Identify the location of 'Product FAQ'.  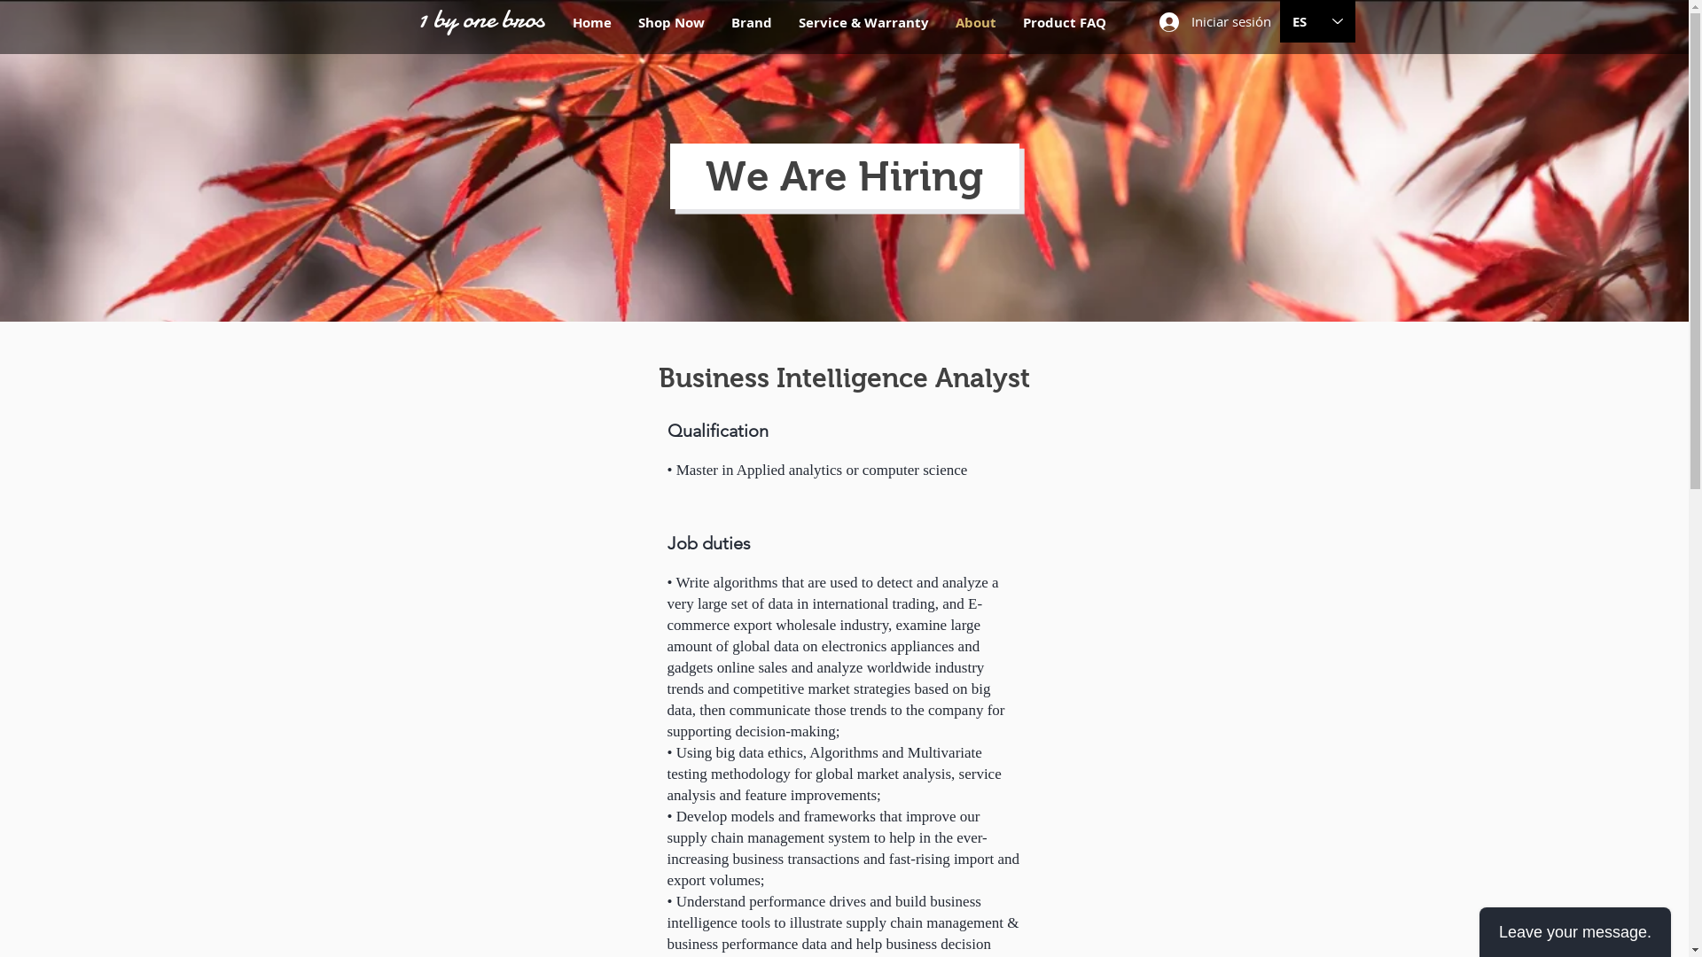
(1008, 23).